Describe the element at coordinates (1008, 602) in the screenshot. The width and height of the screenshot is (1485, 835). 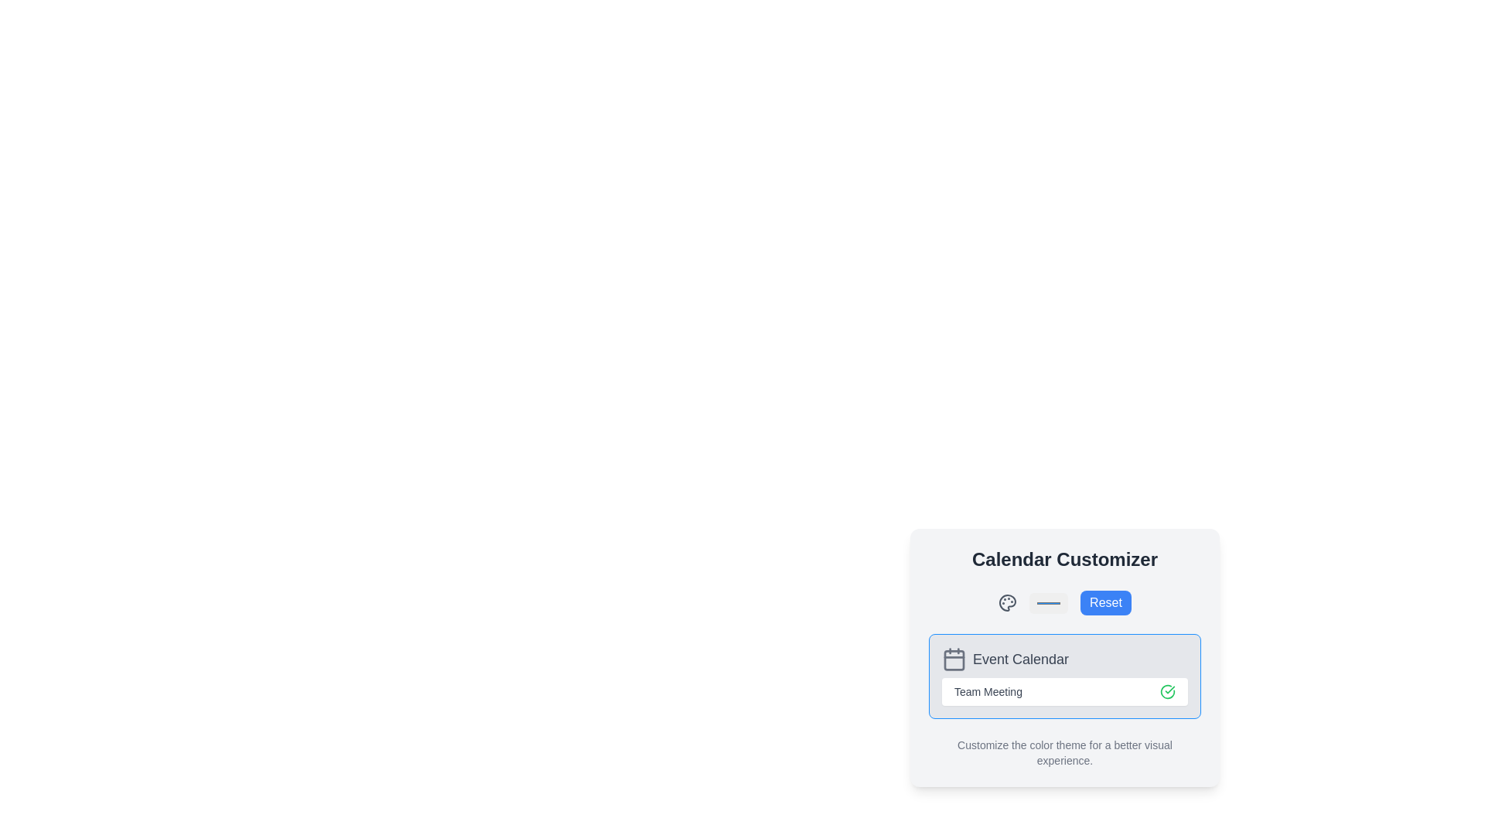
I see `the artist's palette icon located in the header area of the 'Calendar Customizer' section` at that location.